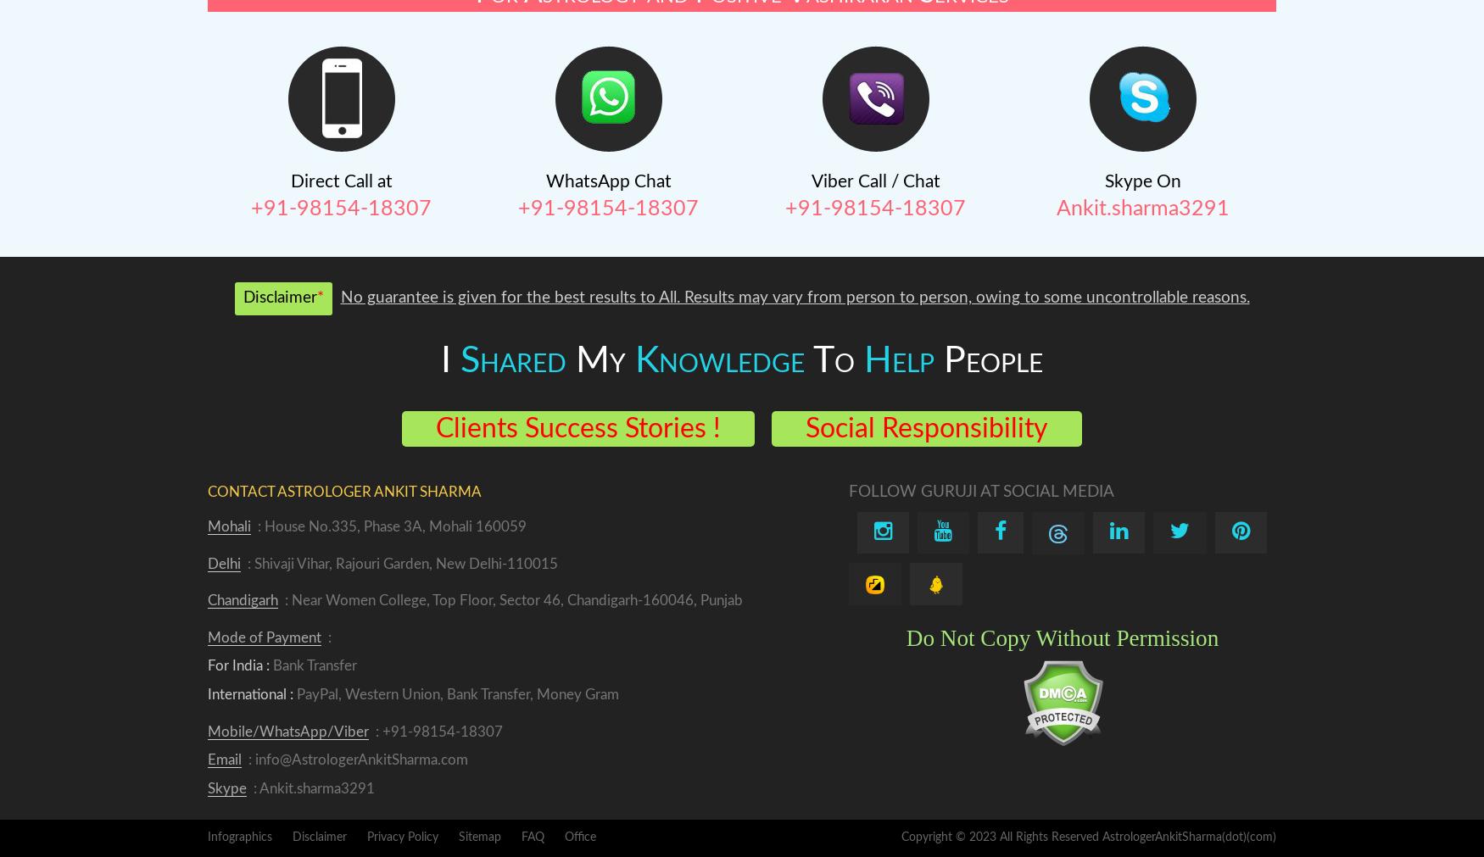  What do you see at coordinates (360, 760) in the screenshot?
I see `'info@AstrologerAnkitSharma.com'` at bounding box center [360, 760].